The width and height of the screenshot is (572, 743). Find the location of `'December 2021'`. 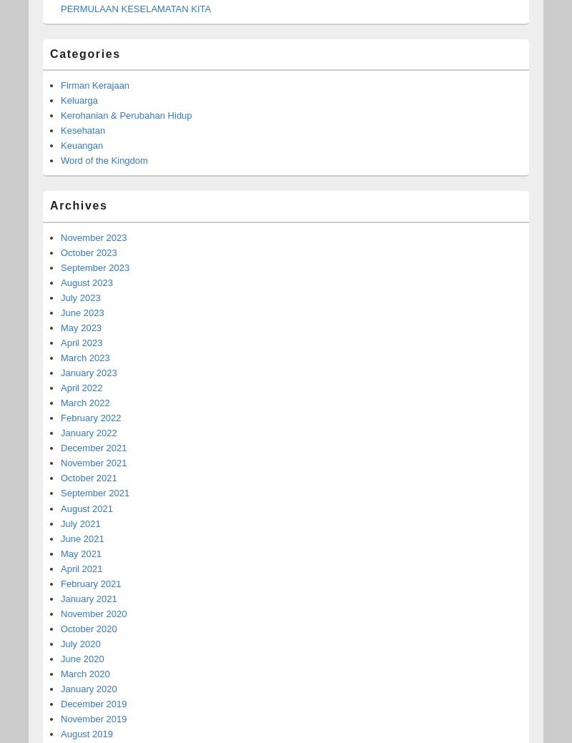

'December 2021' is located at coordinates (93, 448).